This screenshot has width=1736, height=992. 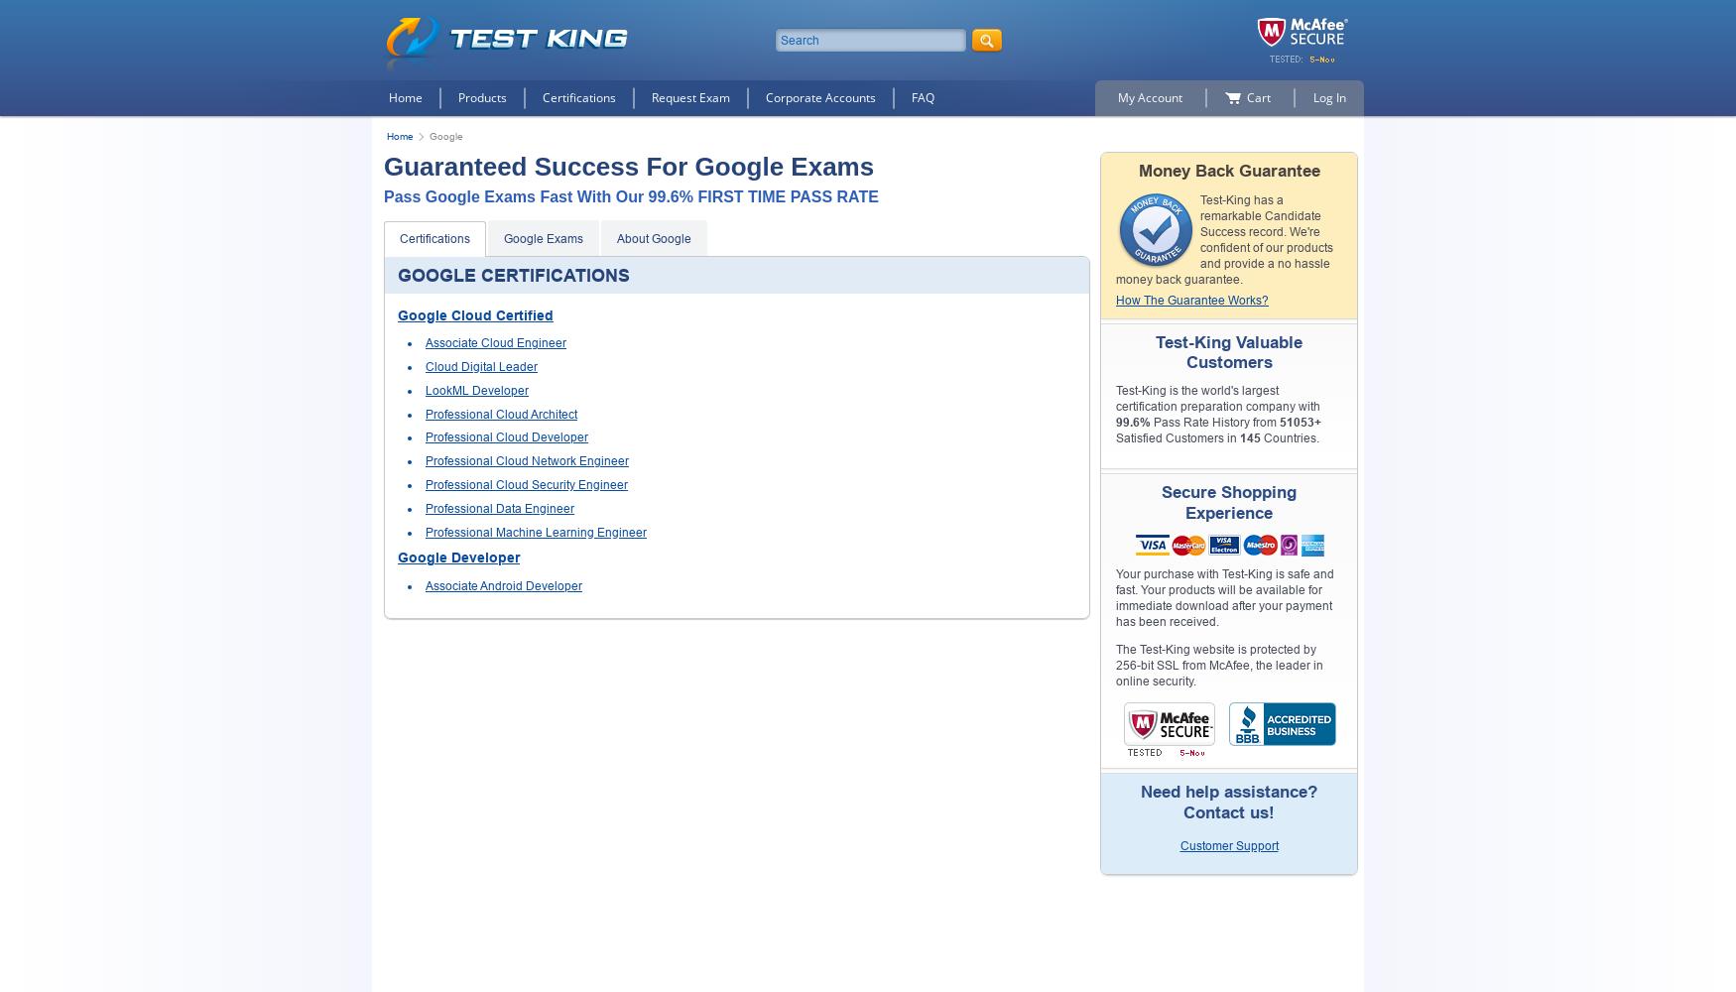 What do you see at coordinates (616, 237) in the screenshot?
I see `'About Google'` at bounding box center [616, 237].